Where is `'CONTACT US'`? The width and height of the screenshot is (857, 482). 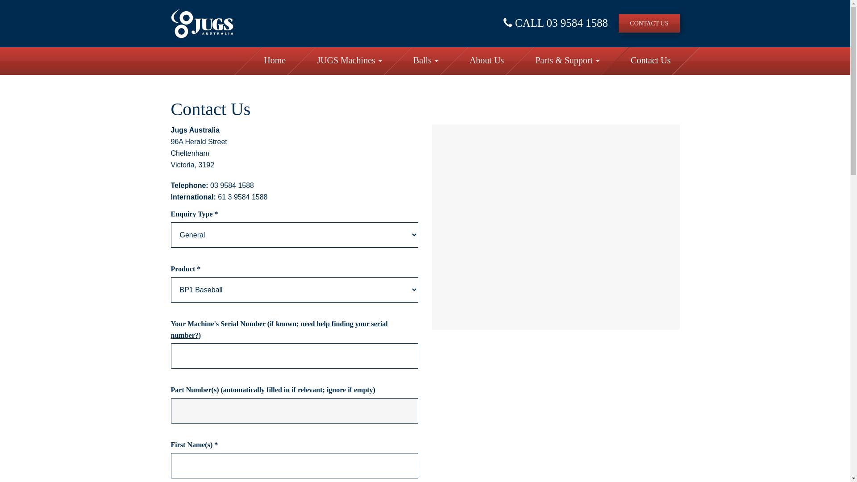
'CONTACT US' is located at coordinates (618, 23).